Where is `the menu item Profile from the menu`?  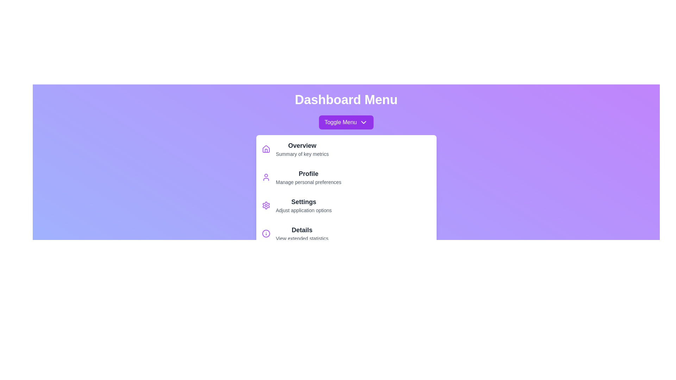
the menu item Profile from the menu is located at coordinates (346, 177).